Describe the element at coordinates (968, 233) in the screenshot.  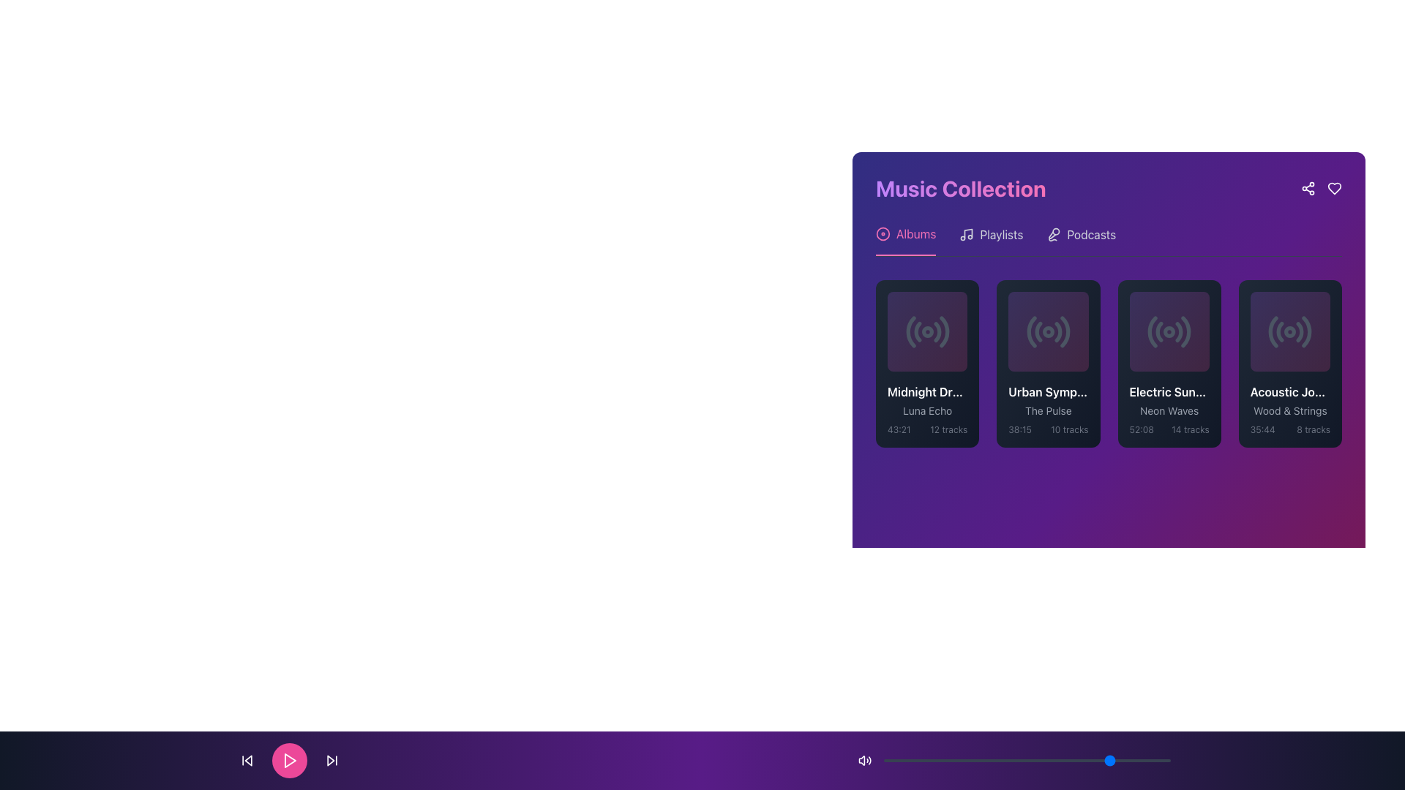
I see `the diagonal line segment within the musical note icon located in the top-right section of the 'Music Collection' panel` at that location.